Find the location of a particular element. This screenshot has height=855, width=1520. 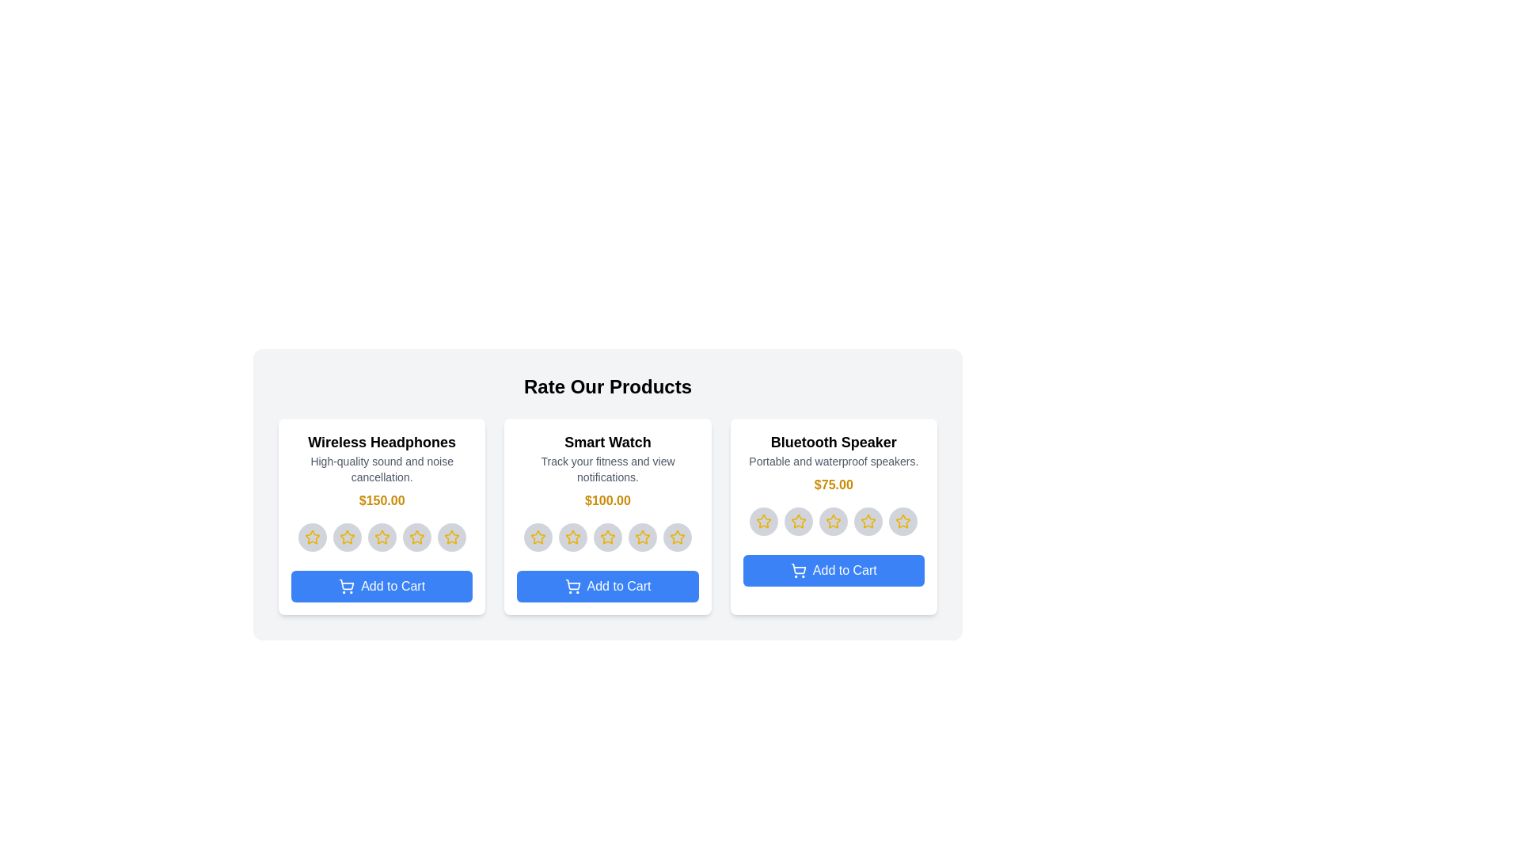

the product name to view its details is located at coordinates (381, 443).